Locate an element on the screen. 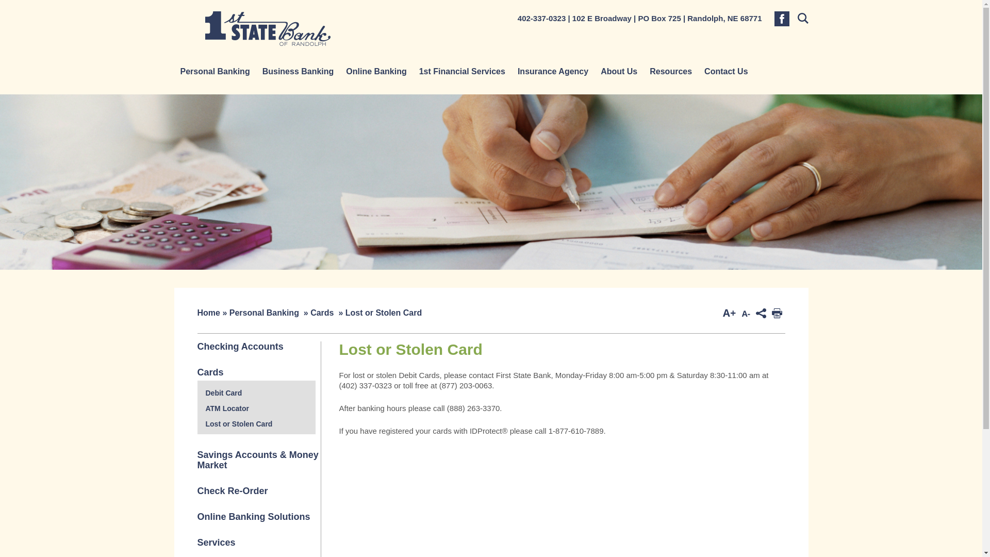  'ATM Locator' is located at coordinates (226, 407).